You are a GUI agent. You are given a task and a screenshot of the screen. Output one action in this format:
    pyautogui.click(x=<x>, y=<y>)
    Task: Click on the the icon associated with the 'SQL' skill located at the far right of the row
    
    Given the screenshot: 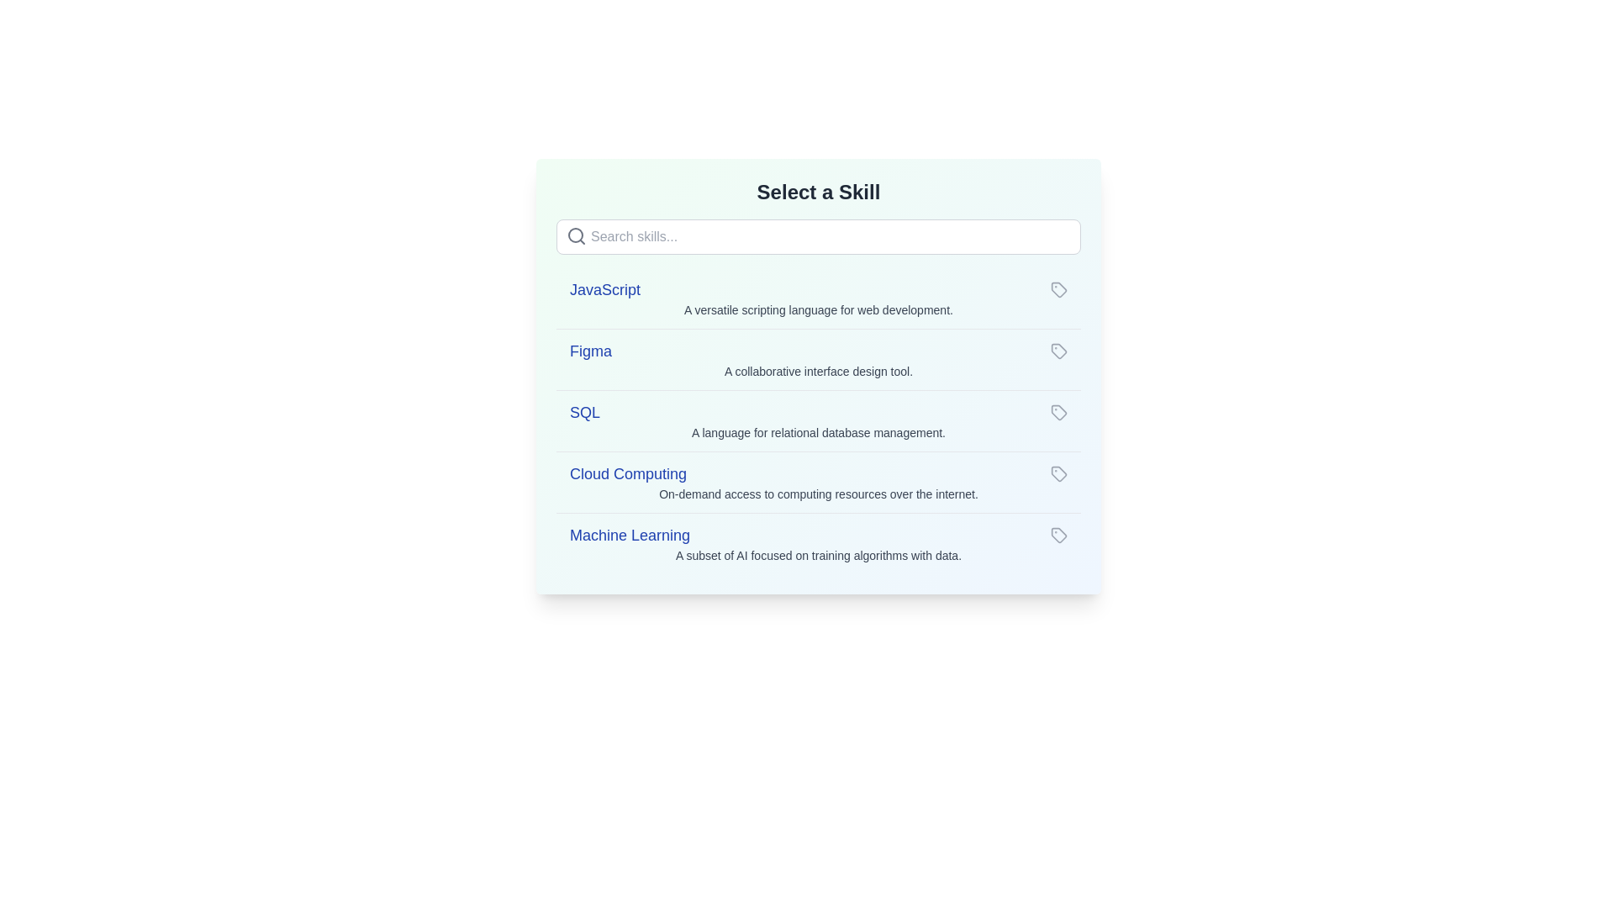 What is the action you would take?
    pyautogui.click(x=1058, y=412)
    